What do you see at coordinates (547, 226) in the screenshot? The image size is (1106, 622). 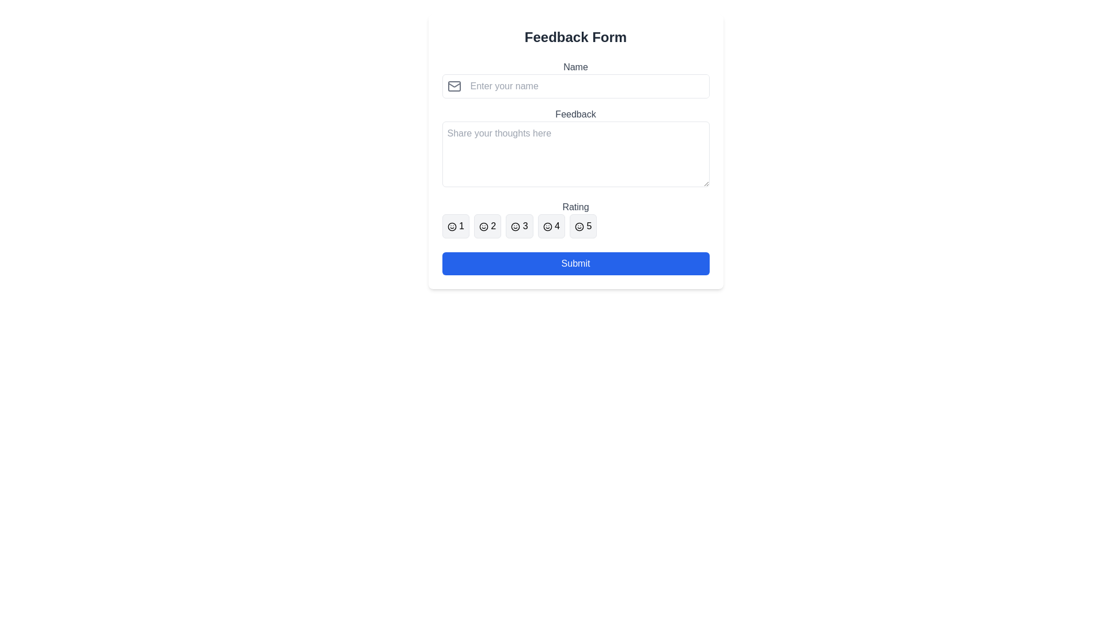 I see `the fourth smiley icon representing a rating level '4'` at bounding box center [547, 226].